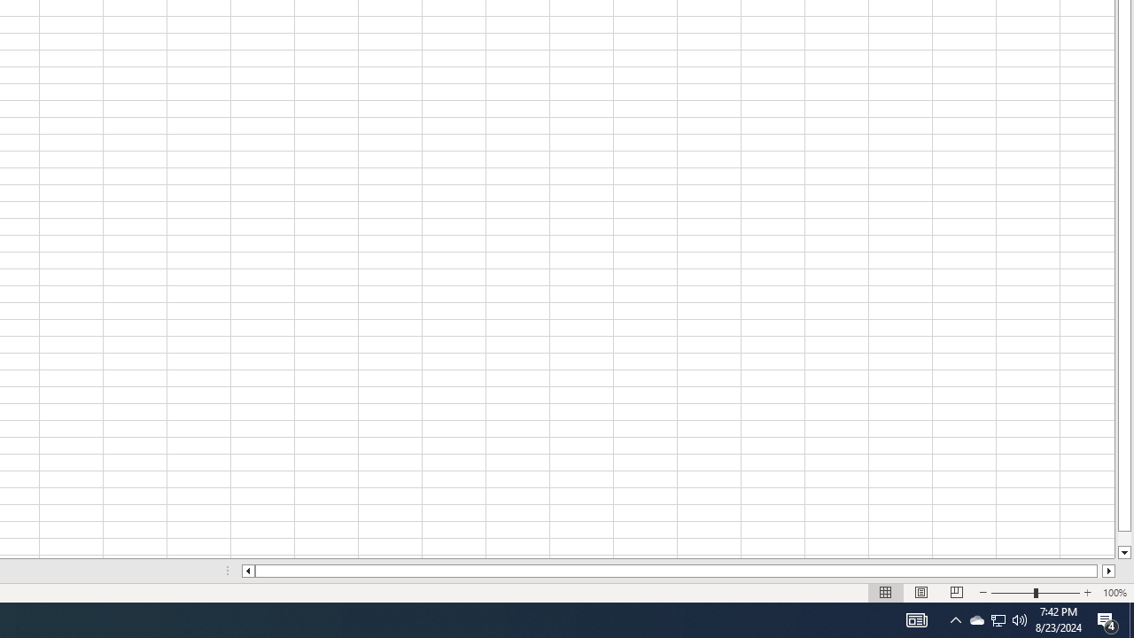 The height and width of the screenshot is (638, 1134). What do you see at coordinates (1035, 593) in the screenshot?
I see `'Zoom'` at bounding box center [1035, 593].